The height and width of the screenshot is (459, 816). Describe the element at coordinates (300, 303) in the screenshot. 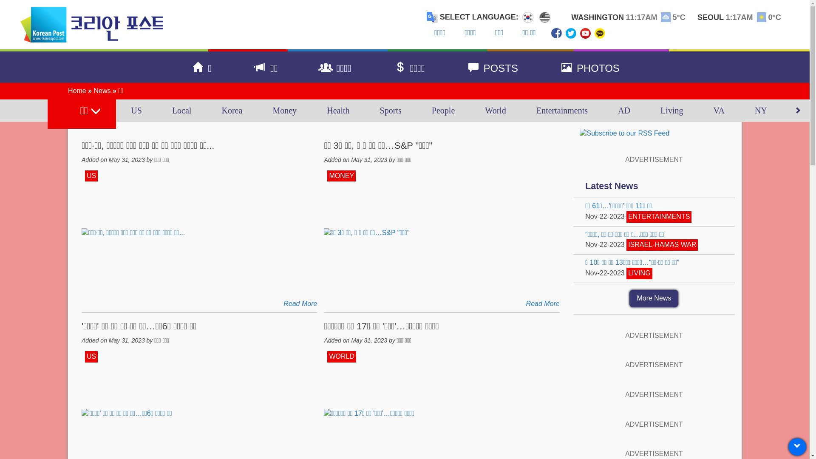

I see `'Read More'` at that location.